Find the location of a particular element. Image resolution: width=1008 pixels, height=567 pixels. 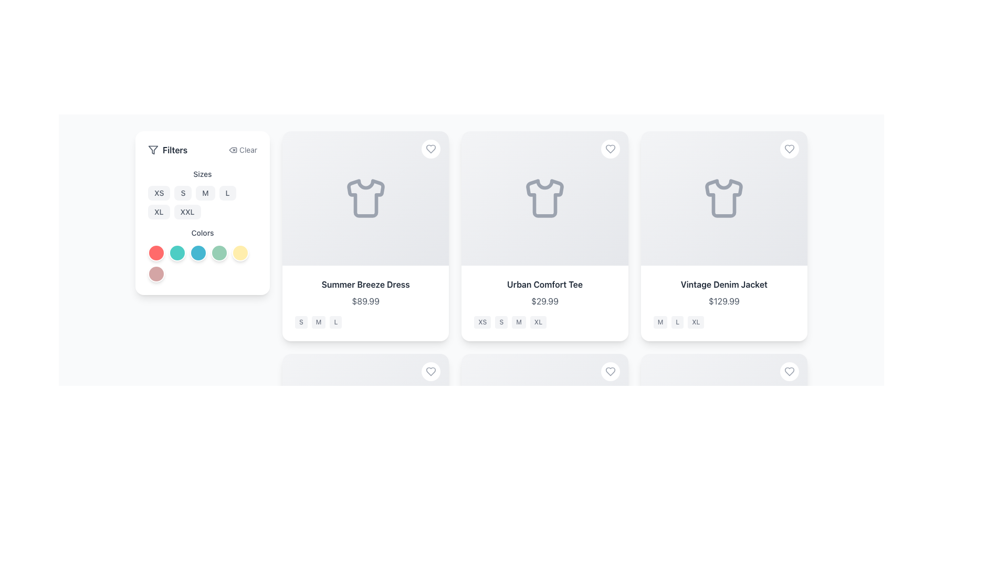

the circular button with a white background and gray heart icon located at the top-right corner of the 'Summer Breeze Dress' product card is located at coordinates (431, 149).